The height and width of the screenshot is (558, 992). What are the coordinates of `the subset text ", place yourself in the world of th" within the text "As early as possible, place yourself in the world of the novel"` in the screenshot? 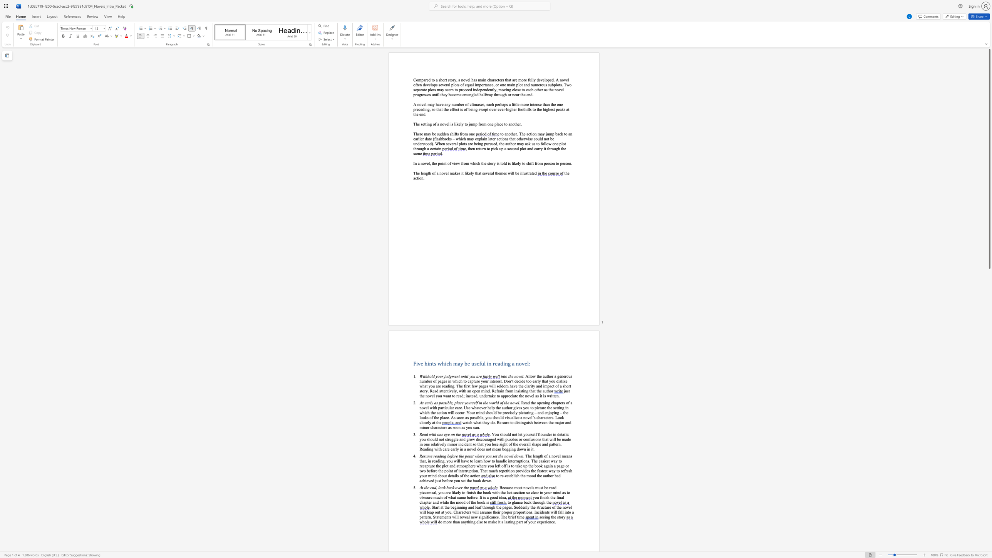 It's located at (452, 402).